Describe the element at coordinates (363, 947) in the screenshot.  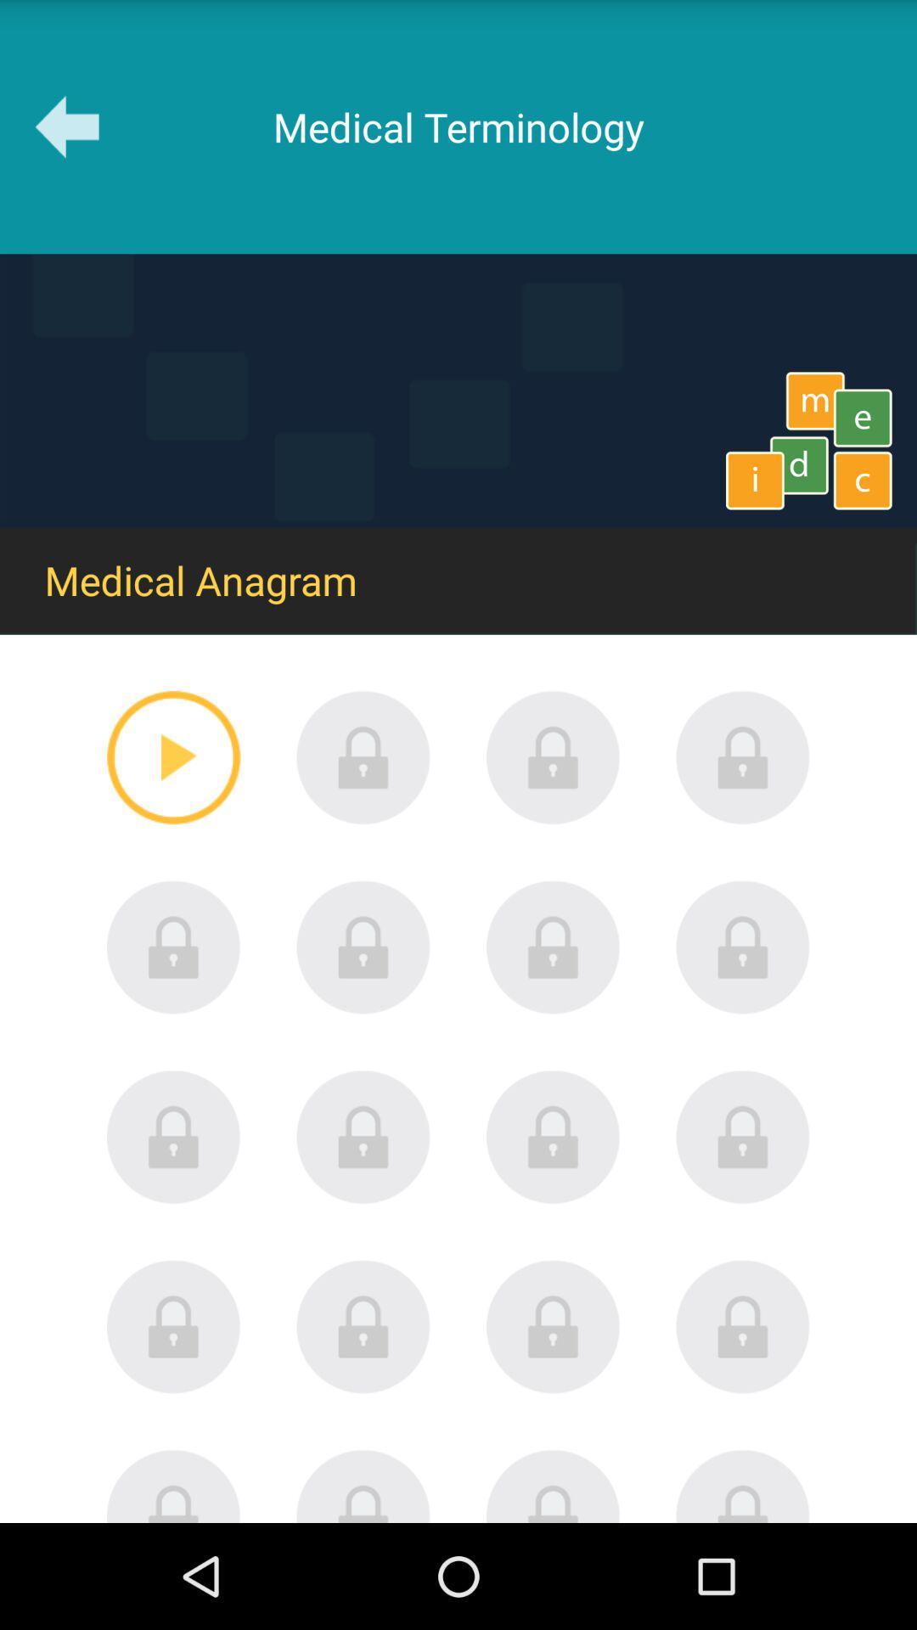
I see `option blocked` at that location.